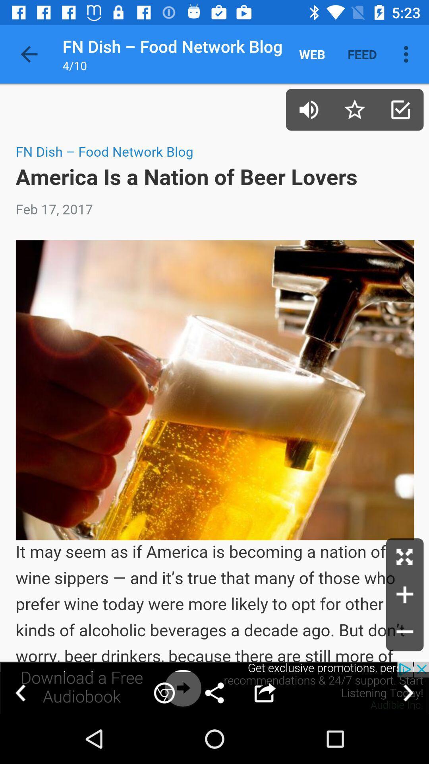 This screenshot has width=429, height=764. I want to click on go back, so click(20, 692).